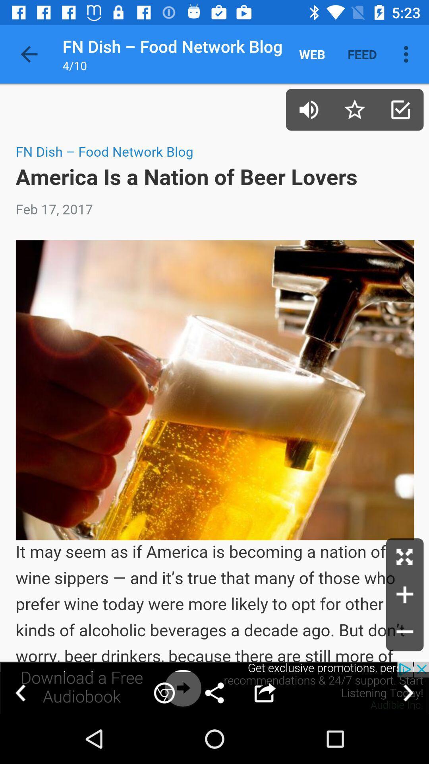 This screenshot has width=429, height=764. I want to click on go back, so click(20, 692).